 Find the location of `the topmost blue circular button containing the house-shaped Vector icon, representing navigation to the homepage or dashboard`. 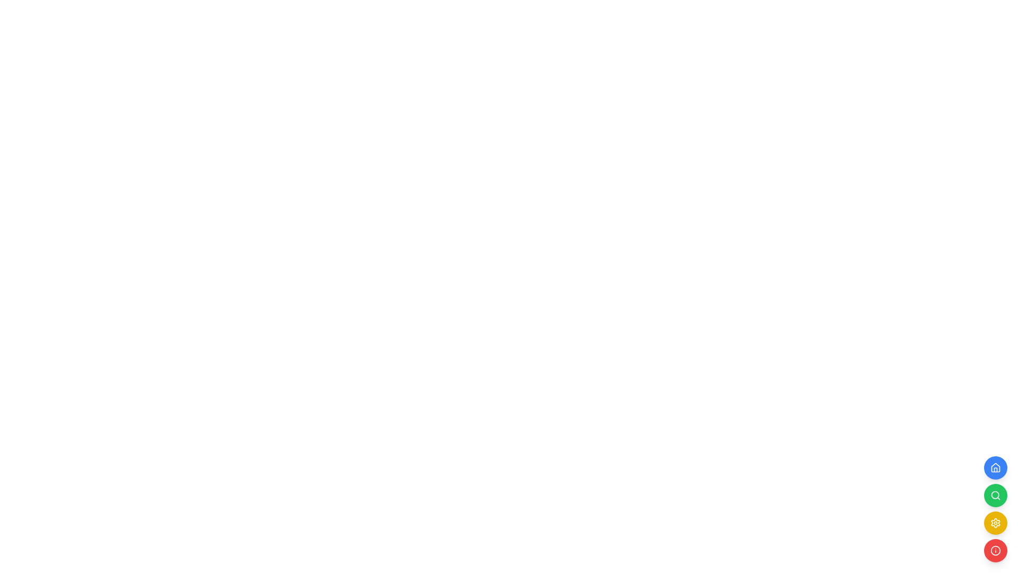

the topmost blue circular button containing the house-shaped Vector icon, representing navigation to the homepage or dashboard is located at coordinates (995, 466).